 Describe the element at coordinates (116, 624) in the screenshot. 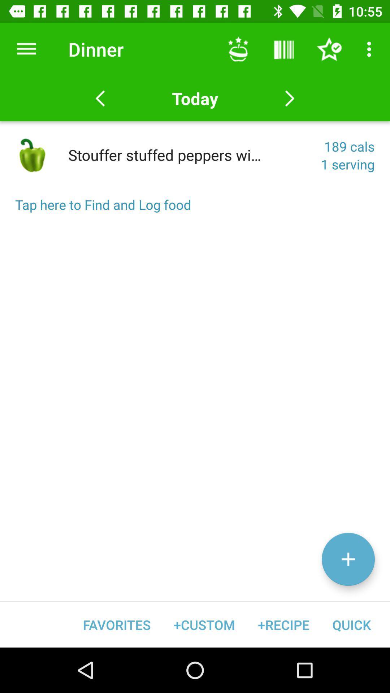

I see `the favorites icon` at that location.